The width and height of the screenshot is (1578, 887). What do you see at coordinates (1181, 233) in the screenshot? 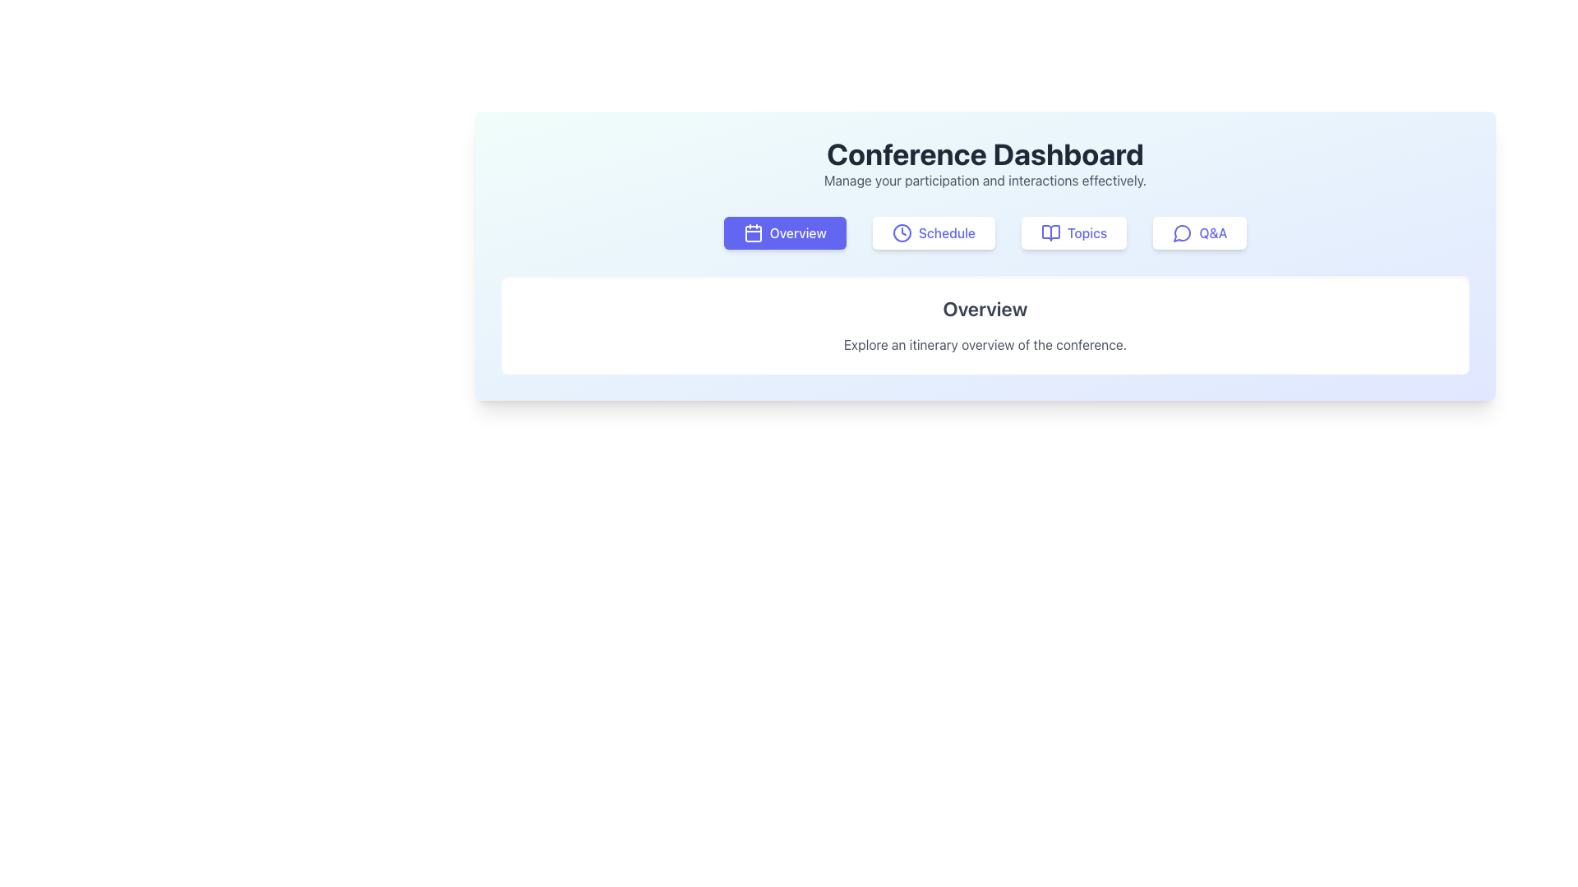
I see `the speech bubble icon within the 'Q&A' navigation button, which is part of a group of navigation buttons at the top of the interface` at bounding box center [1181, 233].